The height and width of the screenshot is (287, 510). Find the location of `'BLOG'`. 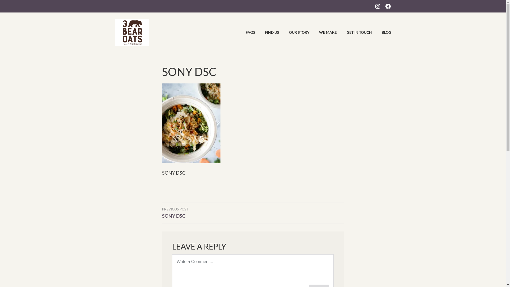

'BLOG' is located at coordinates (382, 32).